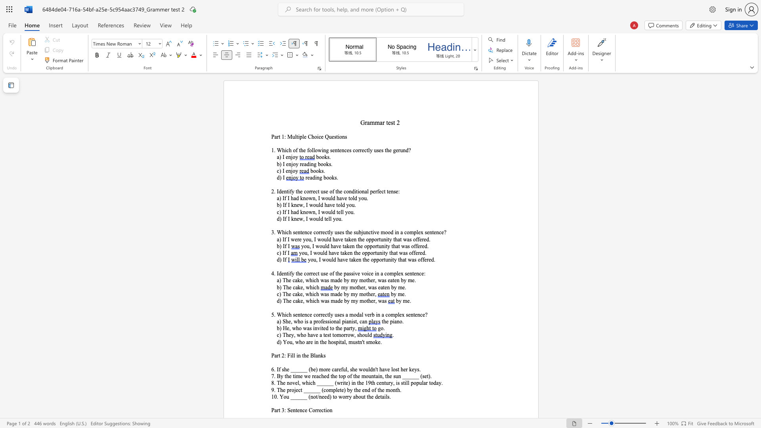  Describe the element at coordinates (281, 355) in the screenshot. I see `the subset text "2: Fill in" within the text "Part 2: Fill in the Blanks"` at that location.